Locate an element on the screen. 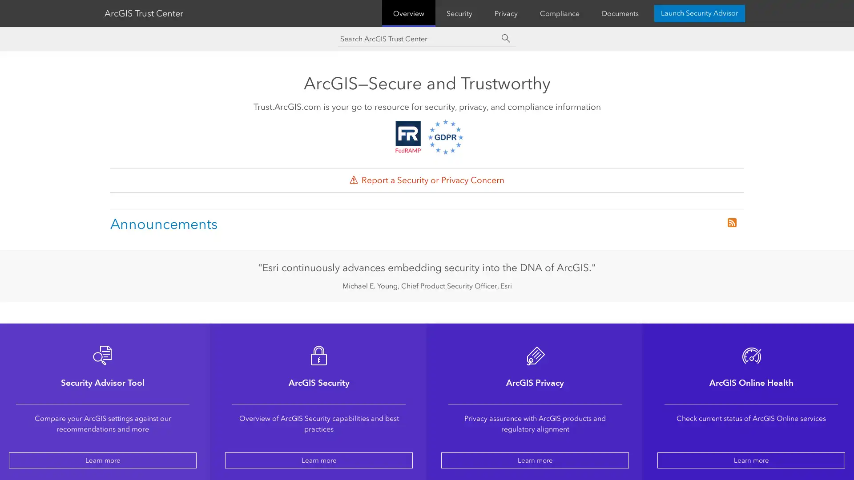 This screenshot has height=480, width=854. Accept All Cookies is located at coordinates (762, 421).